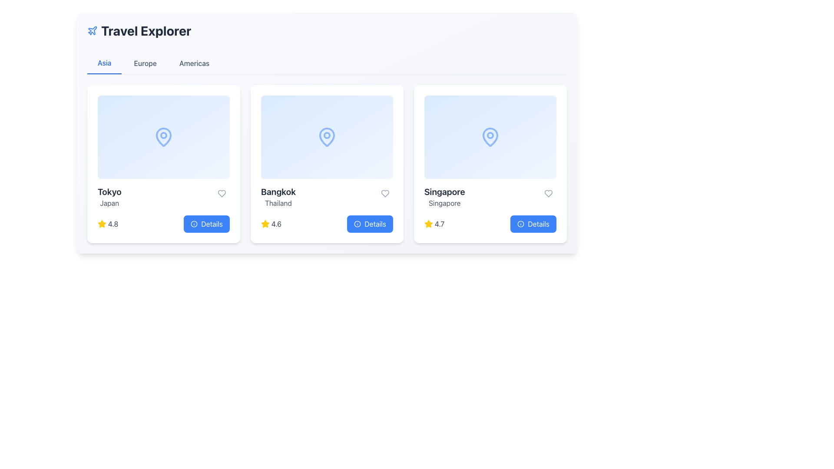  I want to click on the text label indicating the country associated with the city 'Bangkok', which is located at the bottom-center of the middle card in a grid of three cards, so click(278, 203).